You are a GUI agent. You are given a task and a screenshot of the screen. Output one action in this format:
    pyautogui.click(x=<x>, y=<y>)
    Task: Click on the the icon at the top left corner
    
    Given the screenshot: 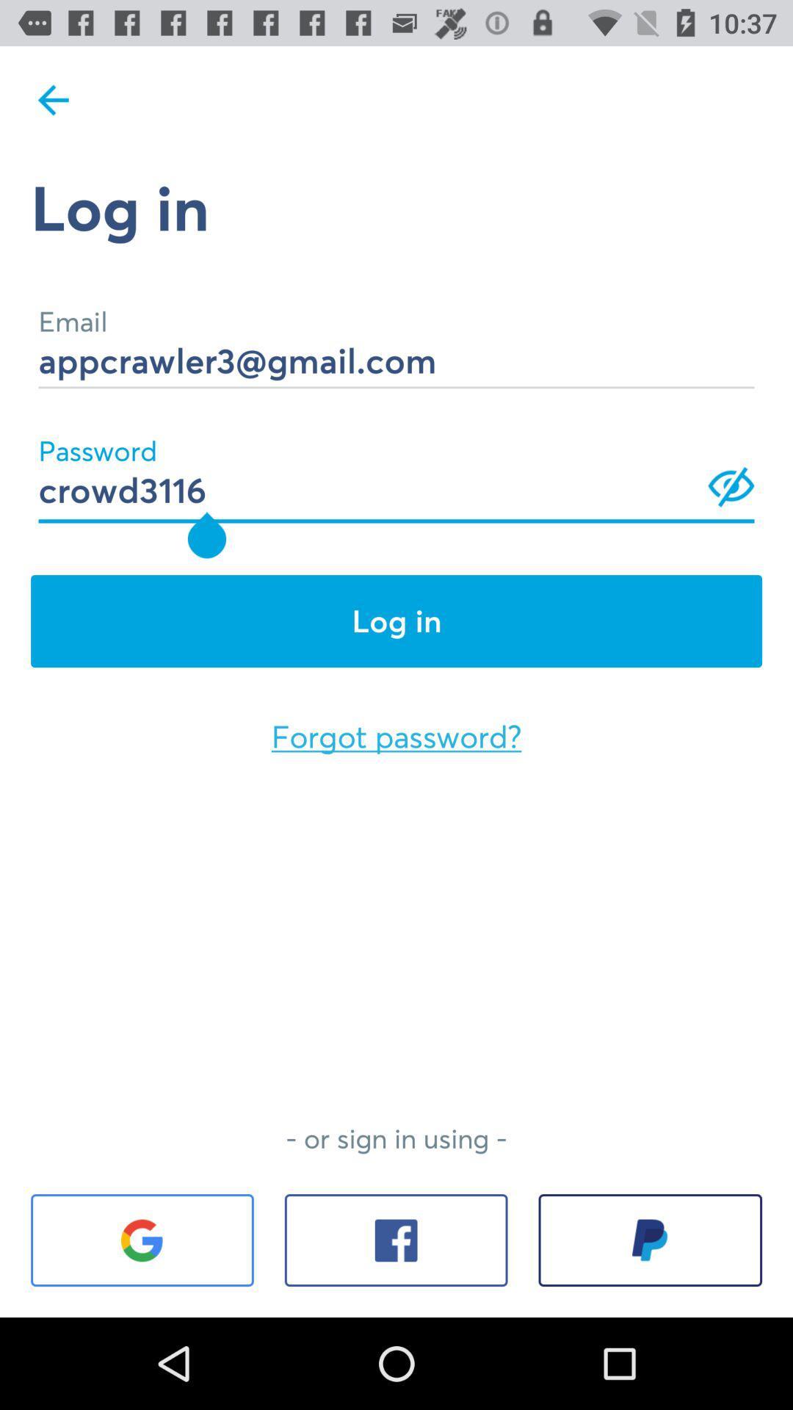 What is the action you would take?
    pyautogui.click(x=53, y=99)
    